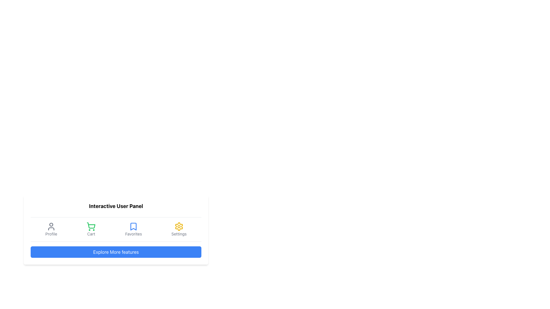 The width and height of the screenshot is (550, 309). Describe the element at coordinates (115, 227) in the screenshot. I see `the horizontal navigation menu item in the Navigation Bar` at that location.